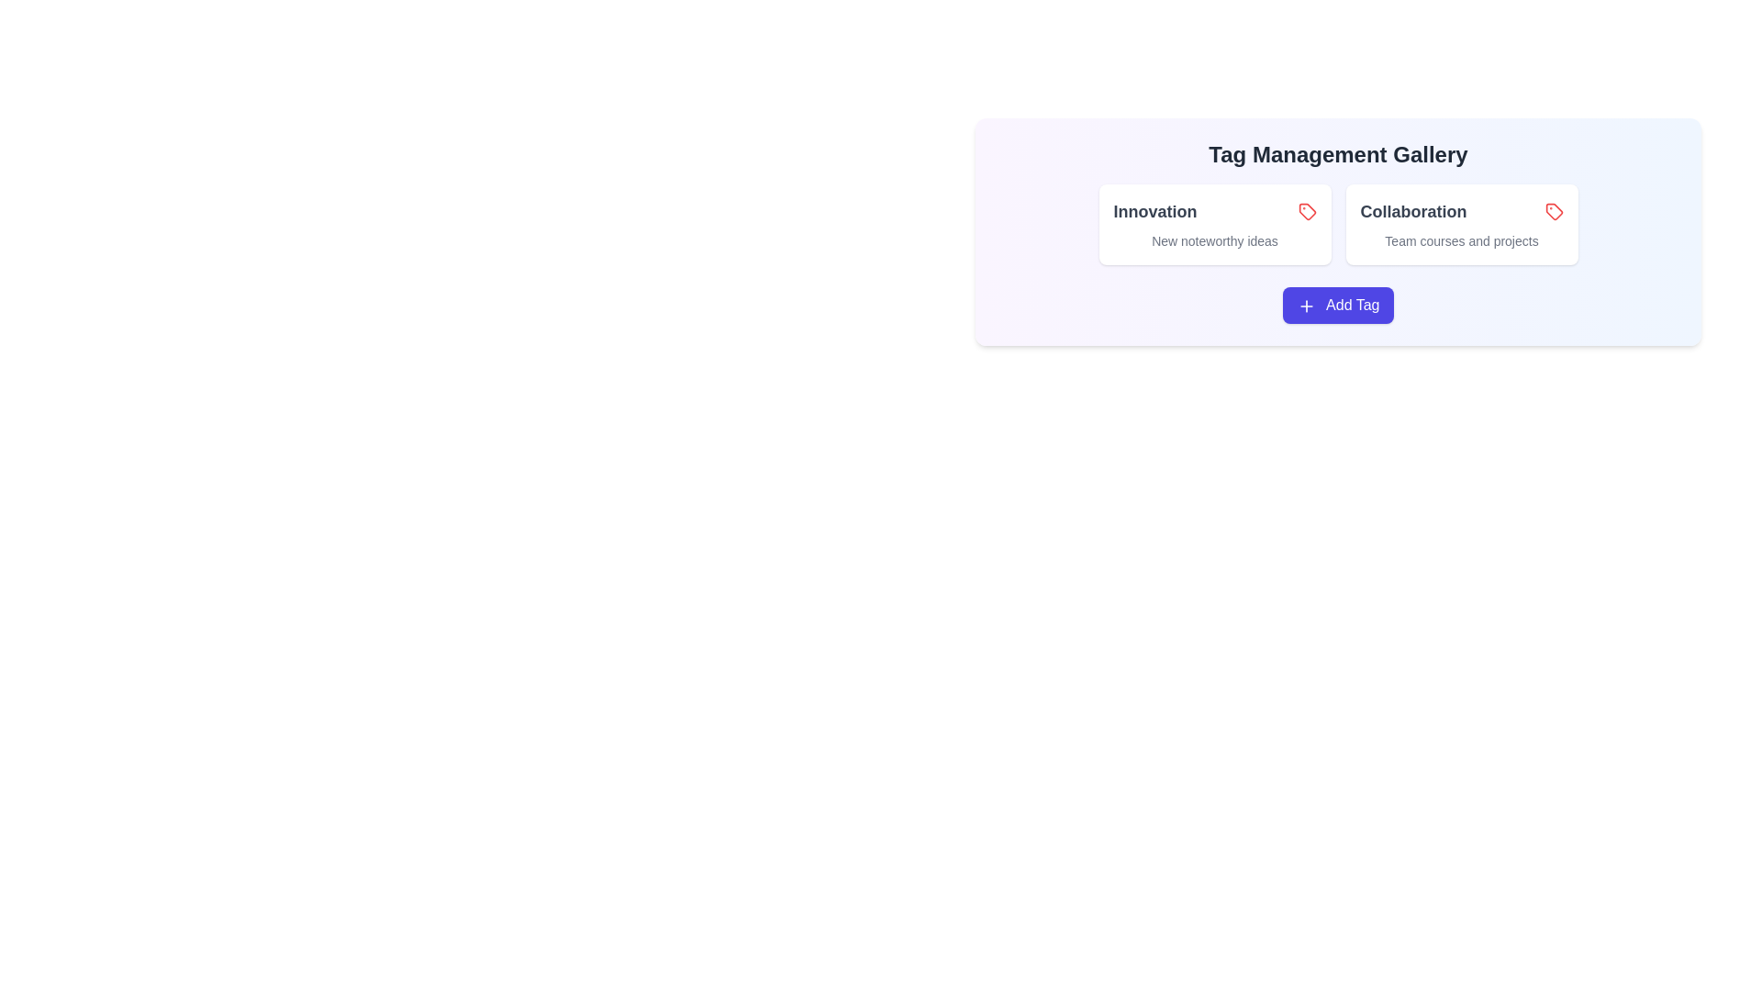  What do you see at coordinates (1215, 239) in the screenshot?
I see `text label displaying 'New noteworthy ideas' which is centrally aligned below the main title 'Innovation'` at bounding box center [1215, 239].